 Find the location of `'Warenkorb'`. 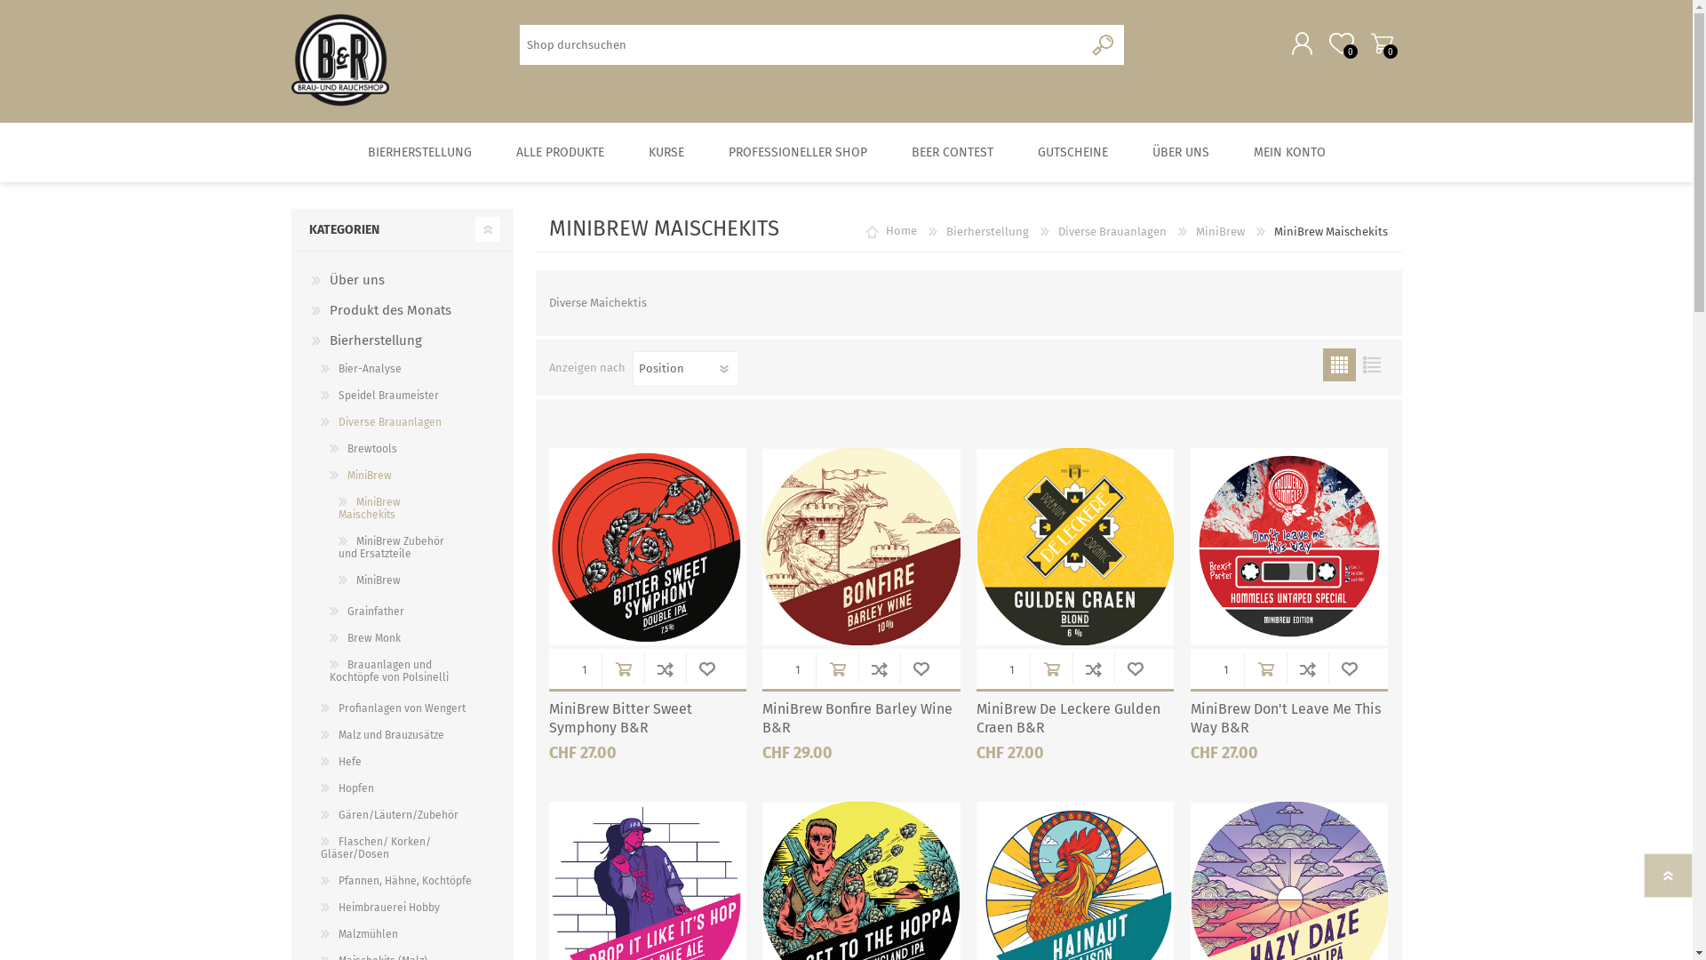

'Warenkorb' is located at coordinates (1380, 43).